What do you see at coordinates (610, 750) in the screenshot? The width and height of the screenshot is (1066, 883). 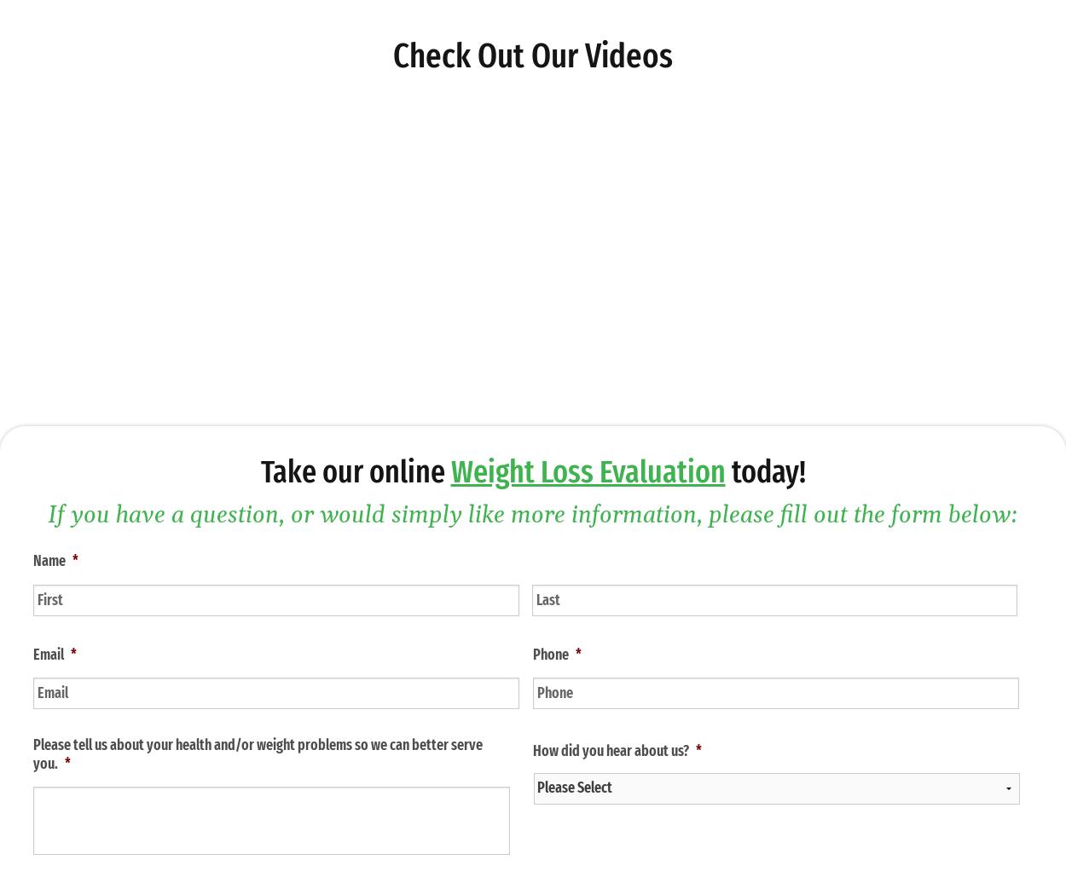 I see `'How did you hear about us?'` at bounding box center [610, 750].